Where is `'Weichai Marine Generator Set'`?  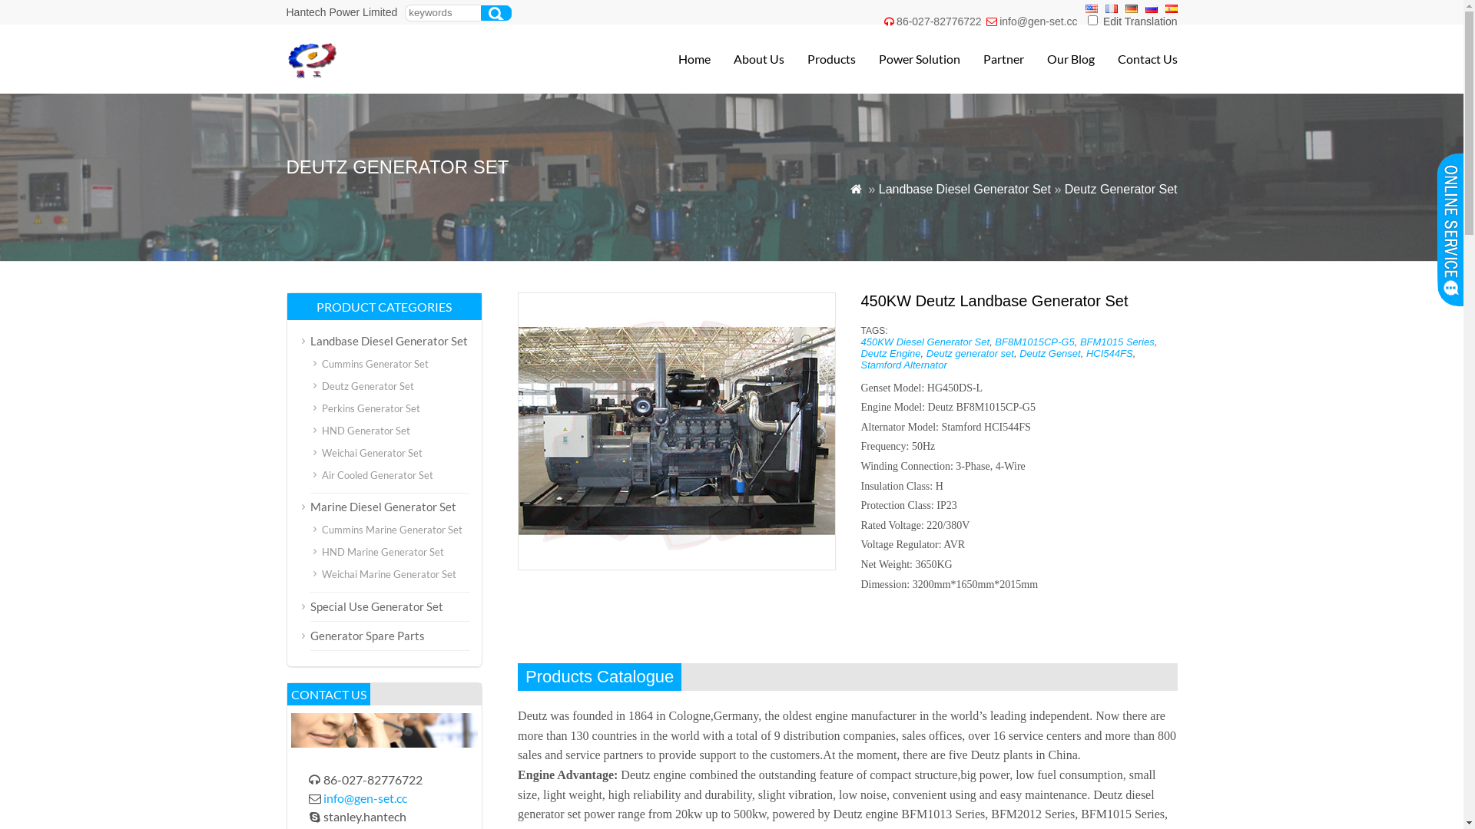
'Weichai Marine Generator Set' is located at coordinates (388, 574).